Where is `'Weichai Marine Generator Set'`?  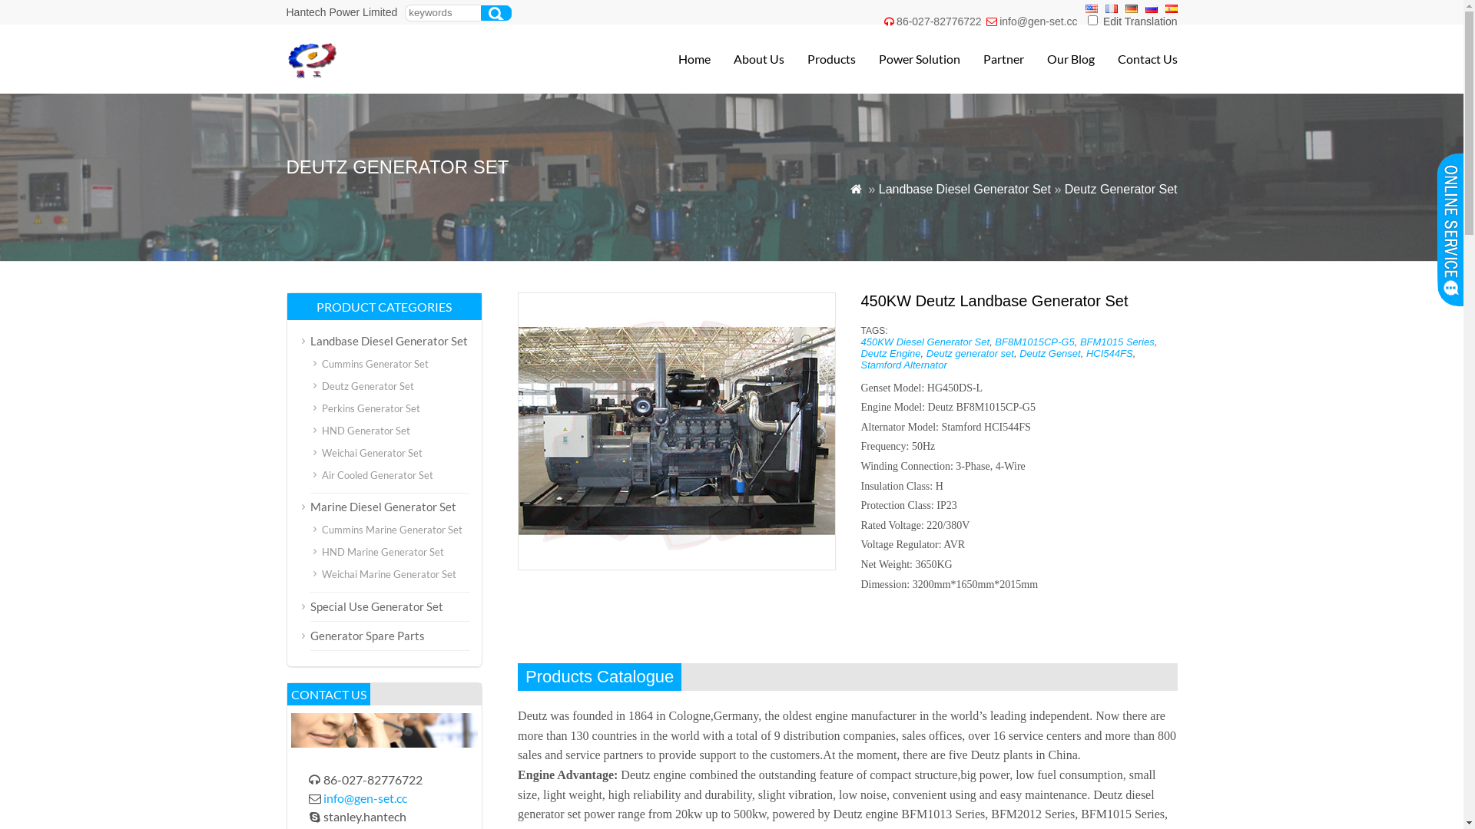
'Weichai Marine Generator Set' is located at coordinates (388, 574).